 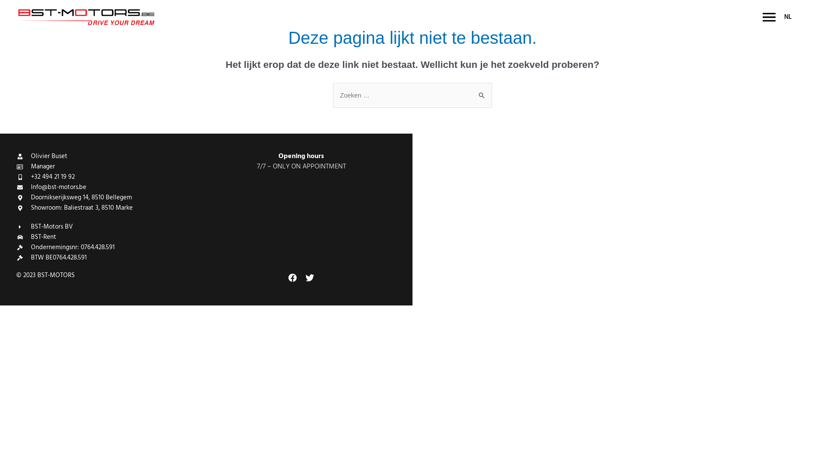 What do you see at coordinates (16, 237) in the screenshot?
I see `'BST-Rent'` at bounding box center [16, 237].